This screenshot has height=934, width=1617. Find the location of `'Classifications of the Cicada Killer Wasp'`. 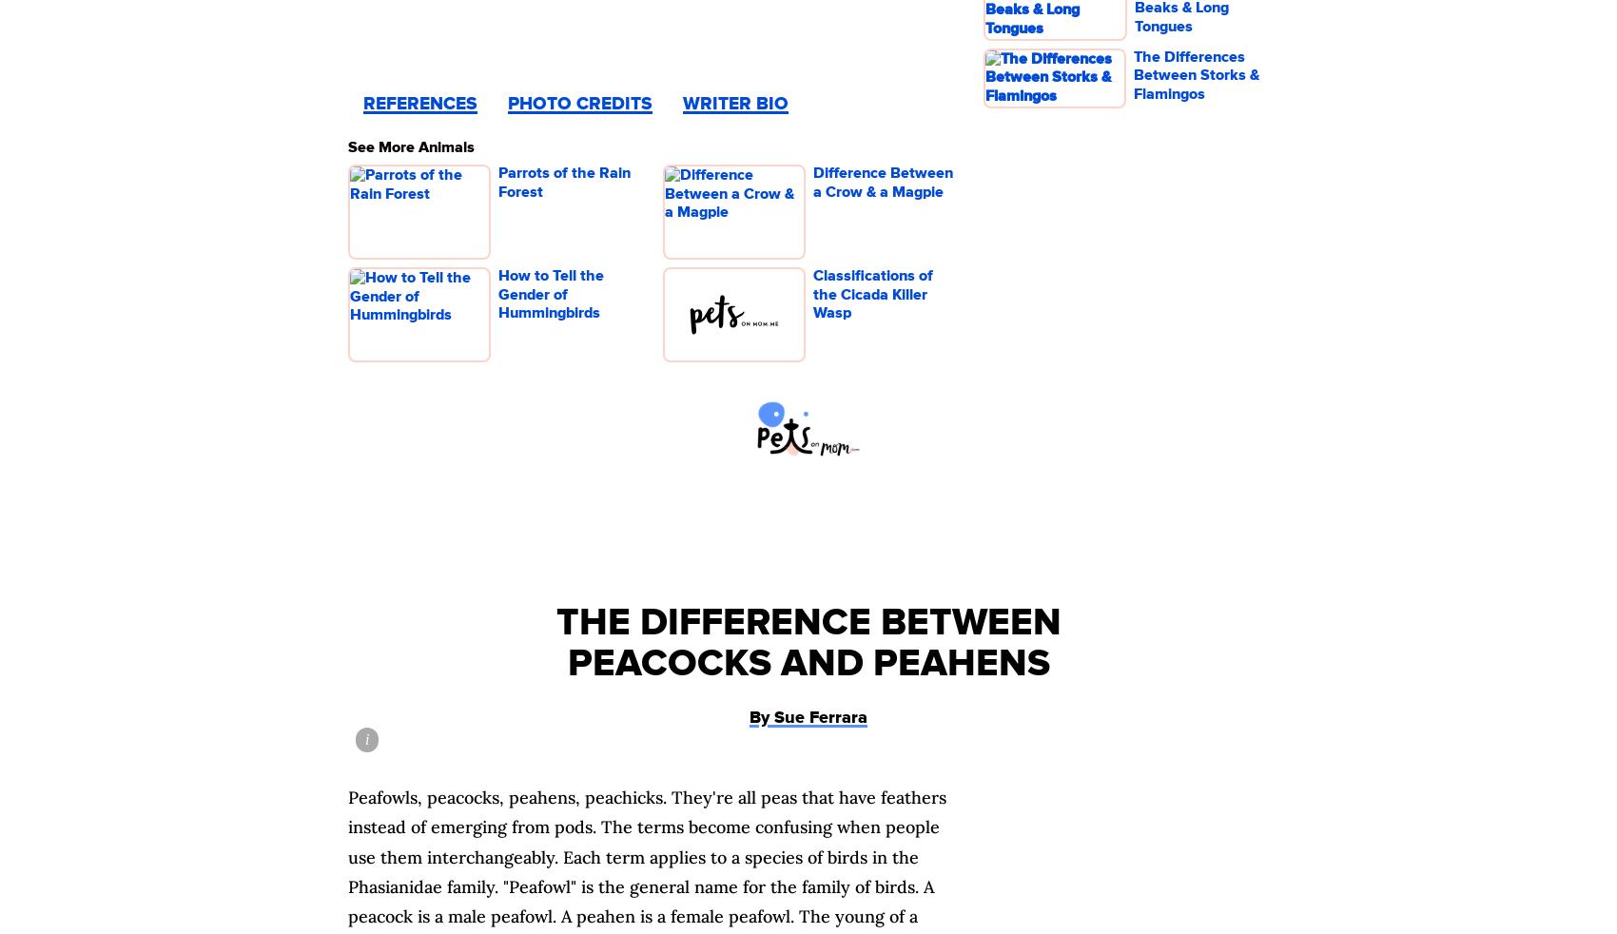

'Classifications of the Cicada Killer Wasp' is located at coordinates (871, 294).